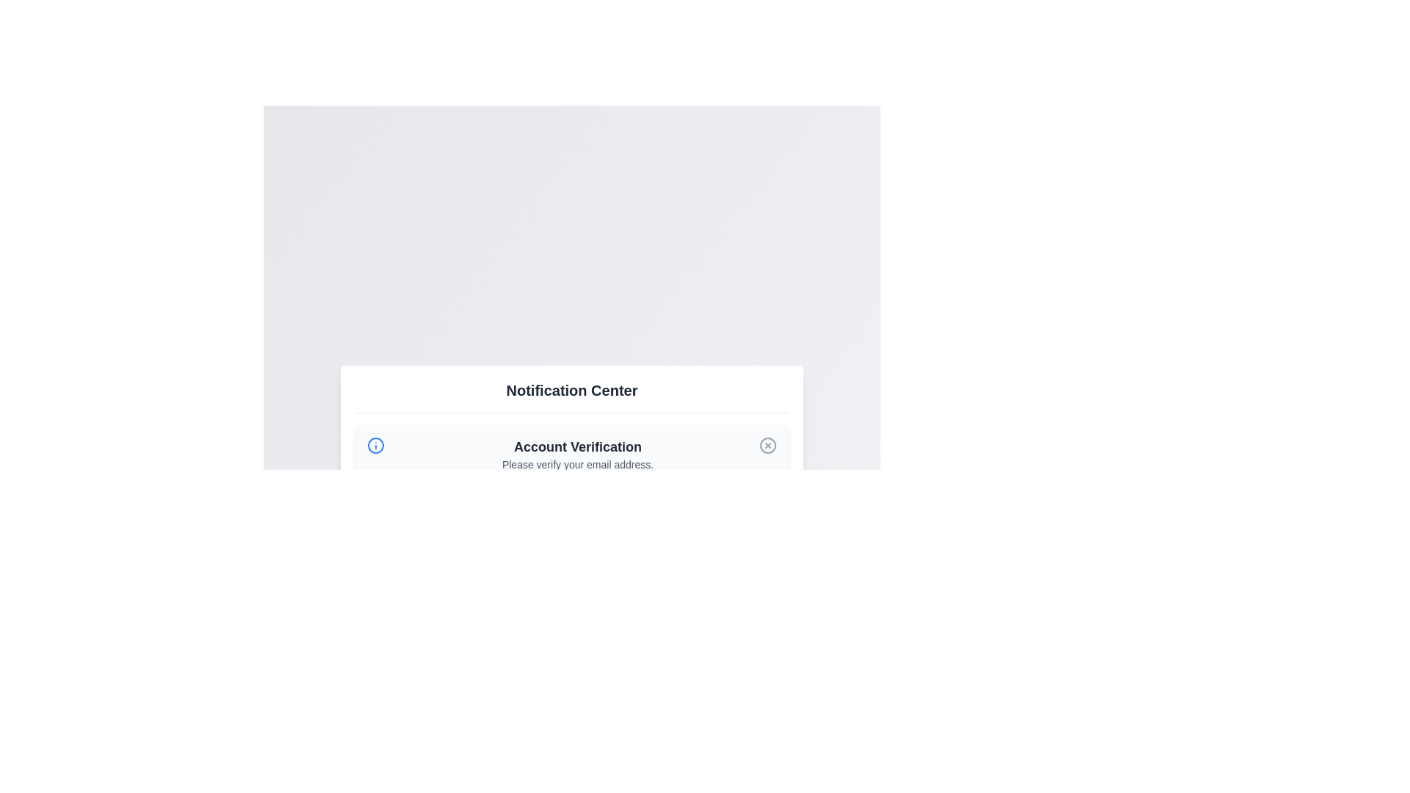  I want to click on the informational indicator icon located at the top-left corner of the notification card, adjacent to the 'Account Verification' text, so click(376, 444).